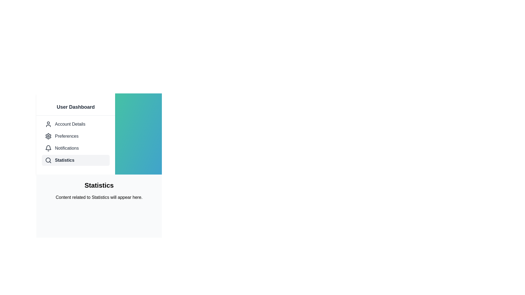 Image resolution: width=525 pixels, height=295 pixels. What do you see at coordinates (99, 185) in the screenshot?
I see `the 'Statistics' text label, which is displayed in a bold, large font size and is positioned prominently above a smaller description text` at bounding box center [99, 185].